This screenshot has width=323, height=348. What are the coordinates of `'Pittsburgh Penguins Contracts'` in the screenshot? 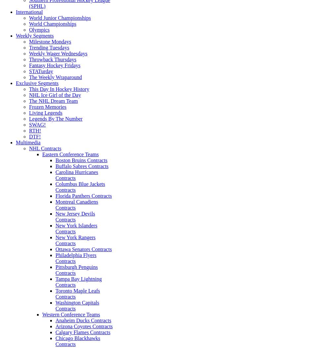 It's located at (76, 270).